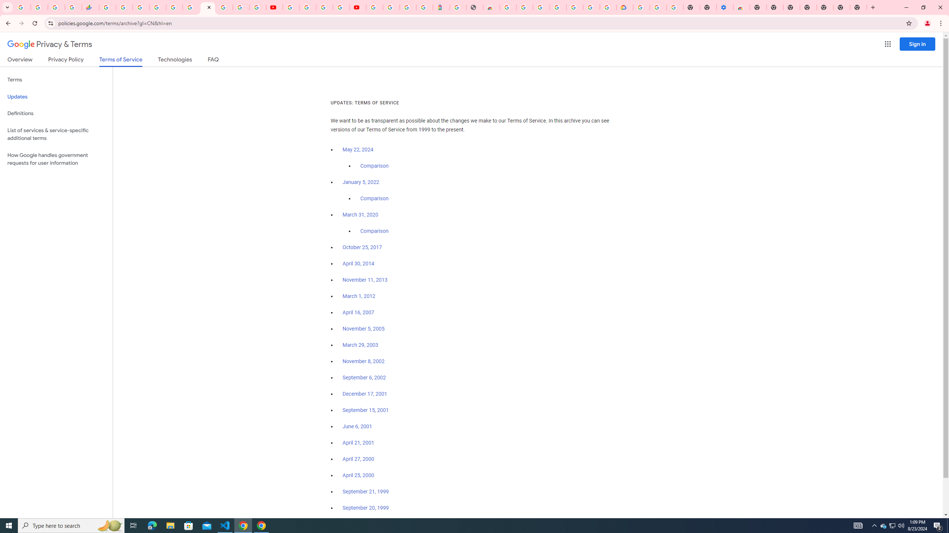 The width and height of the screenshot is (949, 533). I want to click on 'New Tab', so click(858, 7).